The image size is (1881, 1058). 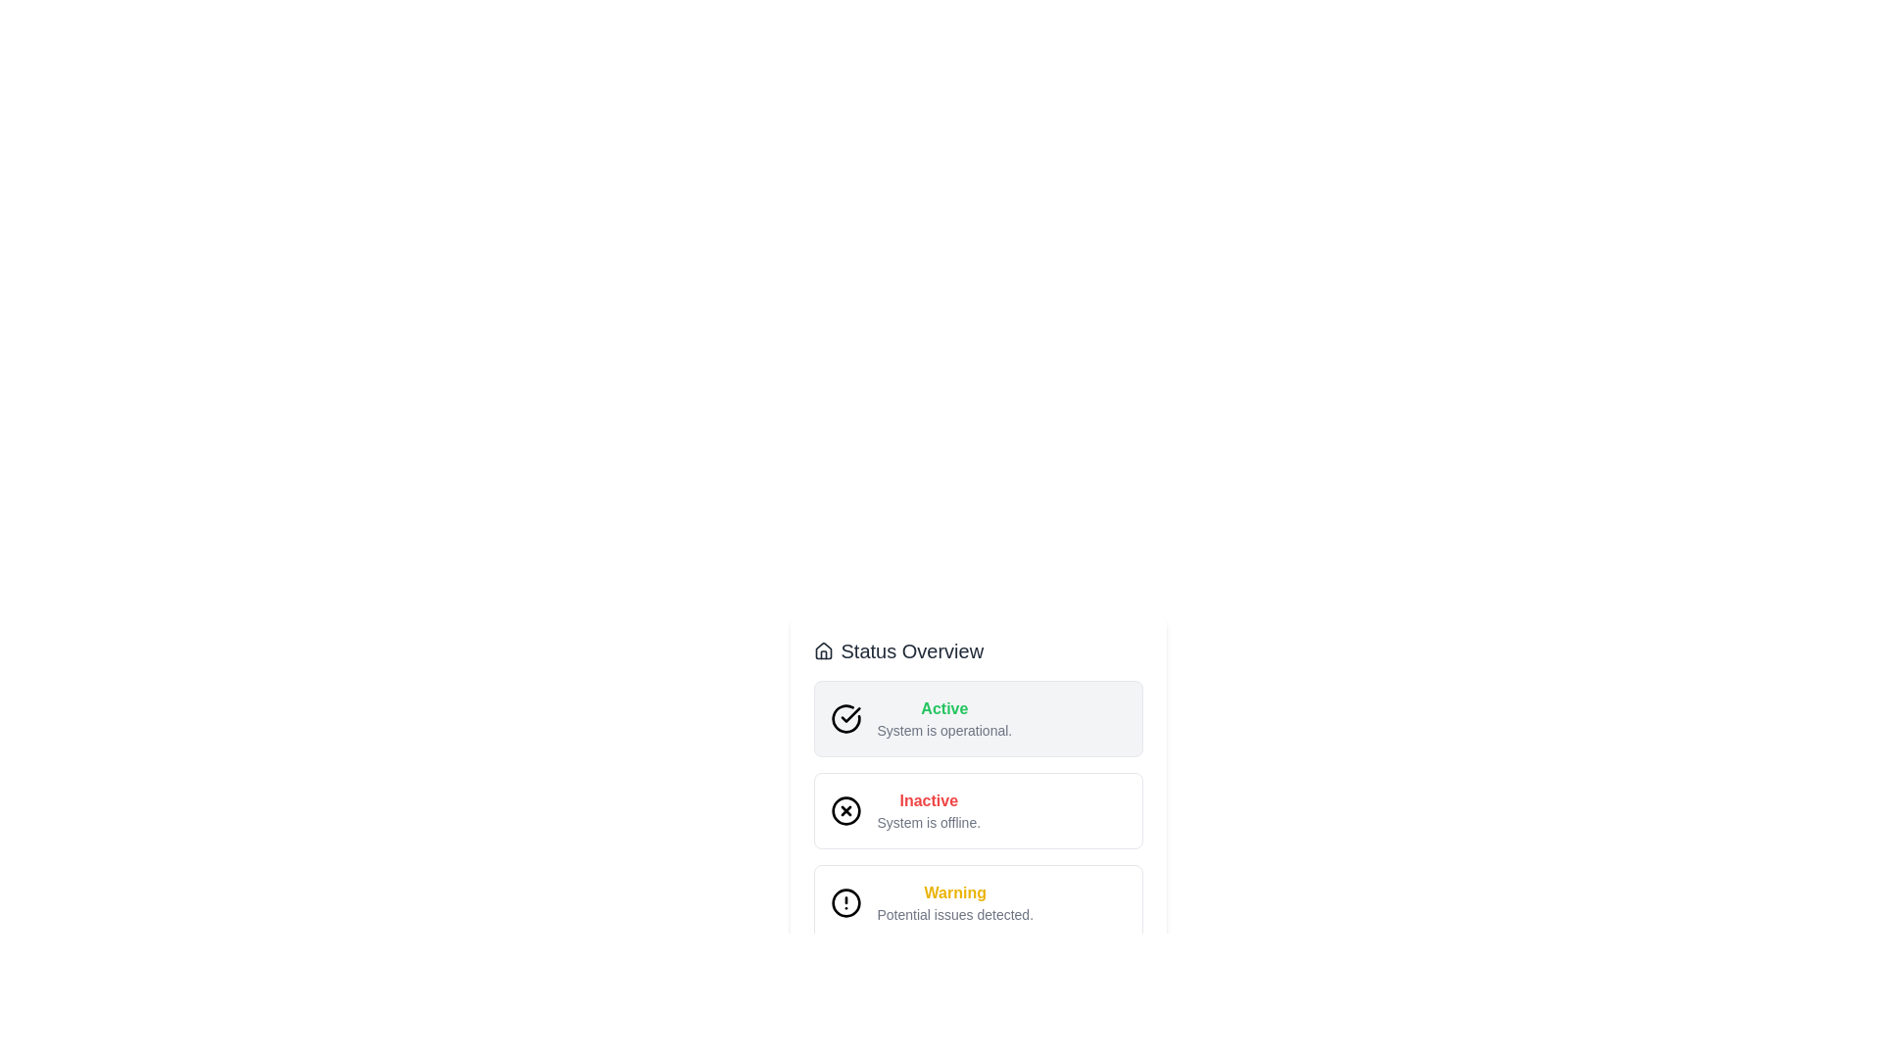 I want to click on the text label displaying 'Potential issues detected.' located beneath the 'Warning' label in the status notification area, so click(x=955, y=914).